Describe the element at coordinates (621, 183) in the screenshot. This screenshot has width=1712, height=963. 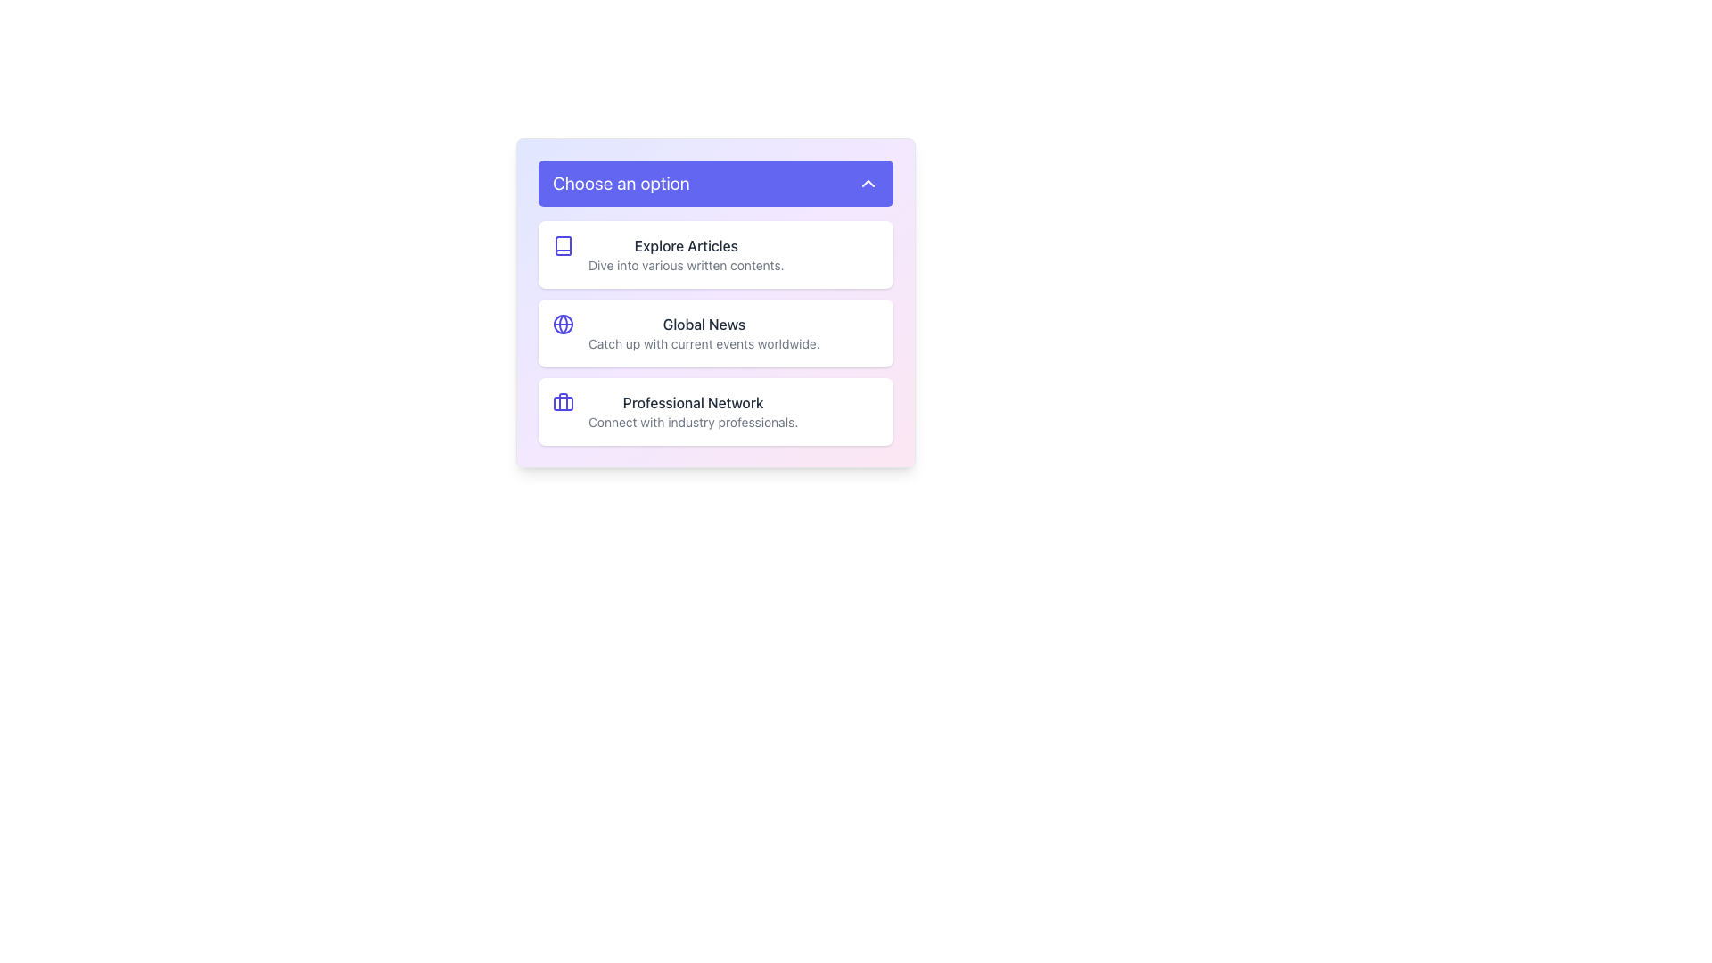
I see `the text label that serves as a header for the dropdown menu, which is centrally positioned within the indigo-colored header section and aligned with a chevron icon` at that location.